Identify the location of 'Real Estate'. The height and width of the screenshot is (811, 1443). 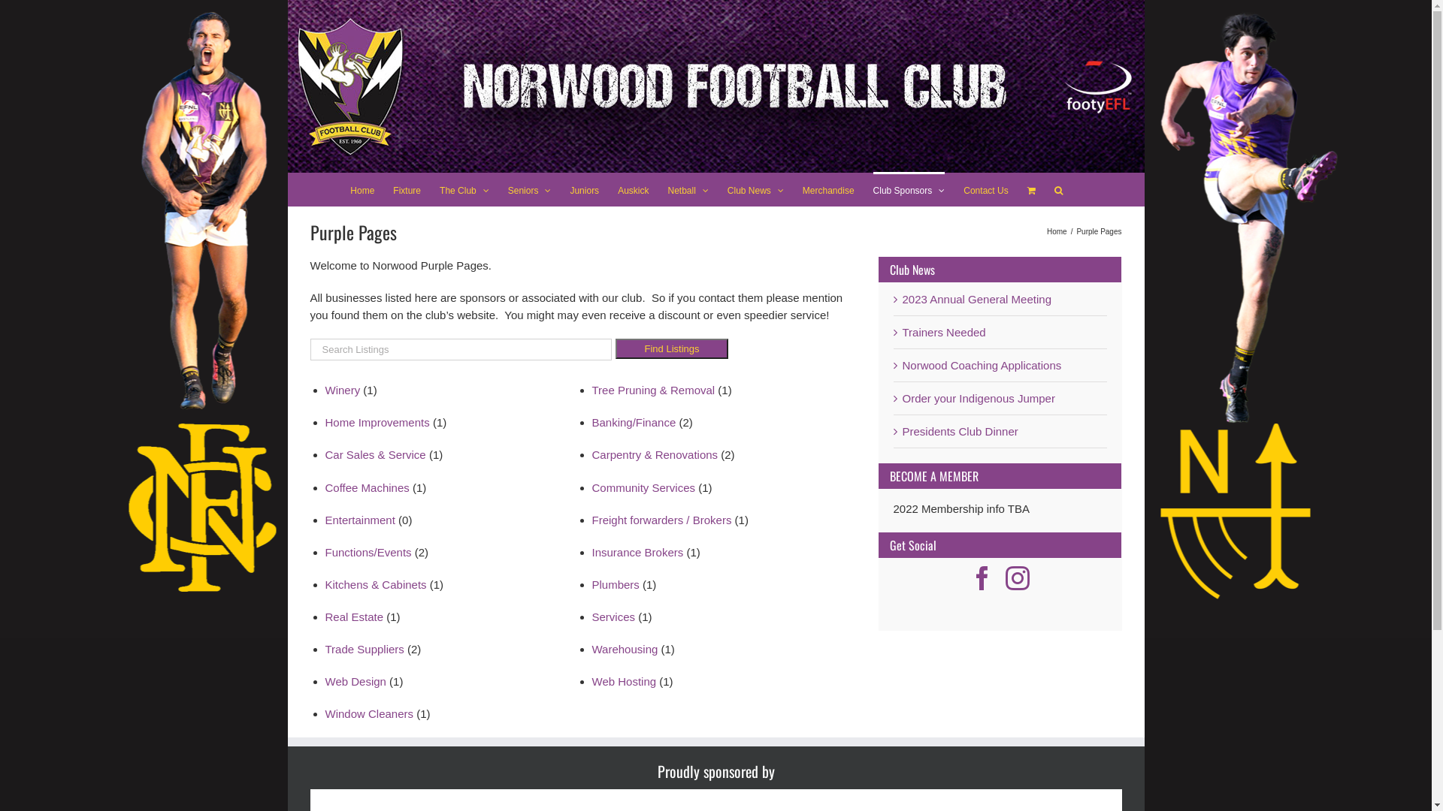
(352, 617).